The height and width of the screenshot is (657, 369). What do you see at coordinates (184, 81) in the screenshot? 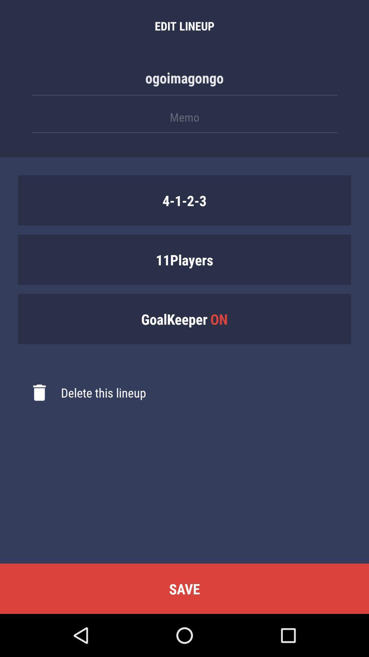
I see `the icon below the edit lineup` at bounding box center [184, 81].